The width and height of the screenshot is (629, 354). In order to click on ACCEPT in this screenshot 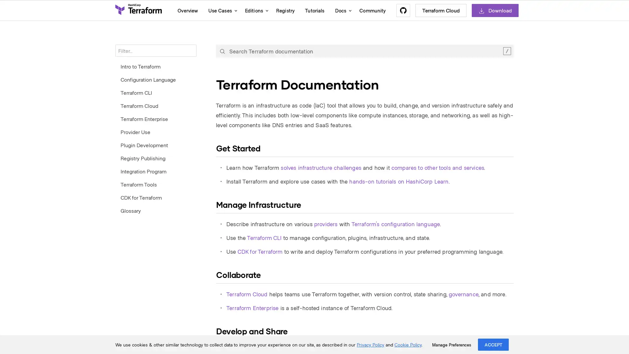, I will do `click(493, 344)`.